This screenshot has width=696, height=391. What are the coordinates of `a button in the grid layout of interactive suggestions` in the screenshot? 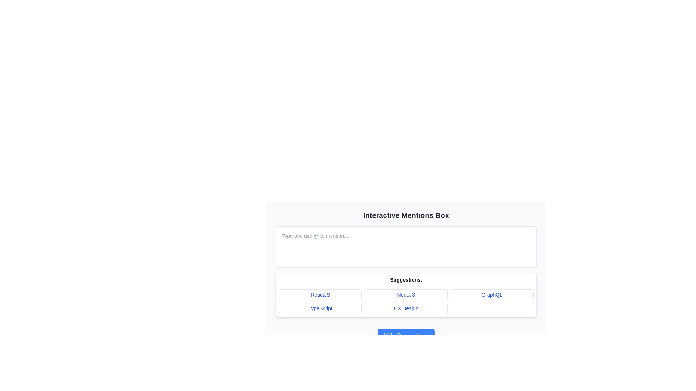 It's located at (406, 302).